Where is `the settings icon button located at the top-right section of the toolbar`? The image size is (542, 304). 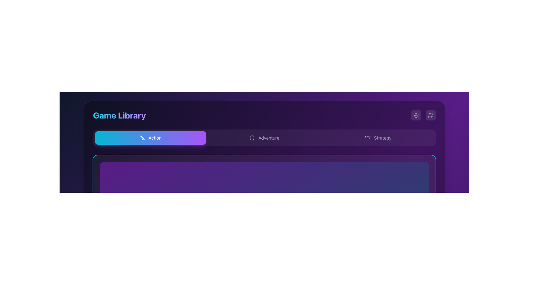 the settings icon button located at the top-right section of the toolbar is located at coordinates (416, 115).